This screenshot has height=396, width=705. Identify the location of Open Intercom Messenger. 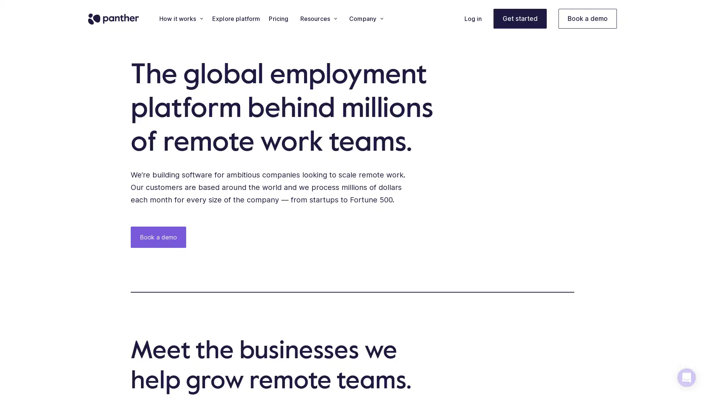
(686, 377).